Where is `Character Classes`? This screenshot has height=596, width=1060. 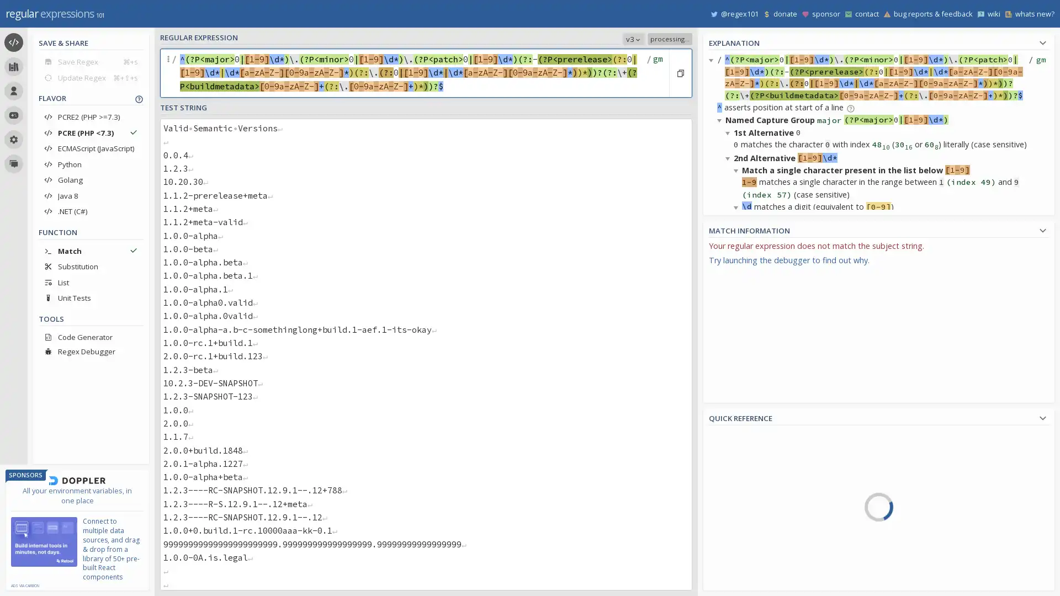 Character Classes is located at coordinates (760, 568).